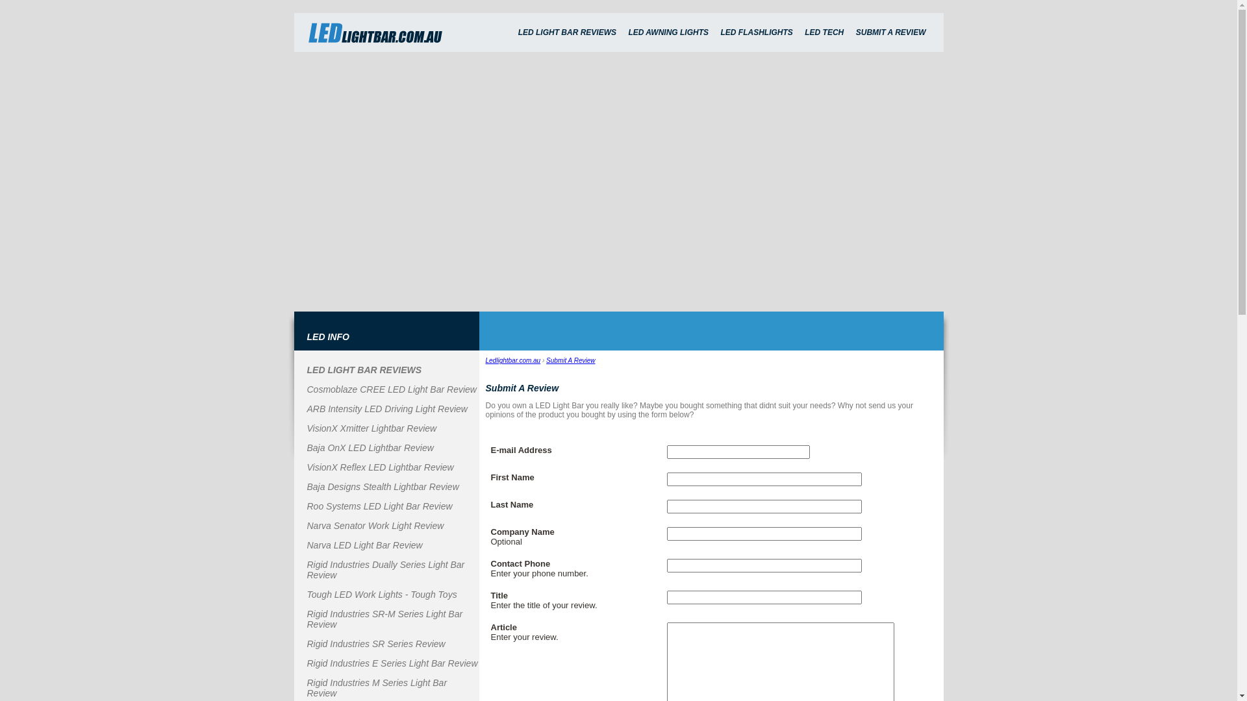 The image size is (1247, 701). What do you see at coordinates (305, 643) in the screenshot?
I see `'Rigid Industries SR Series Review'` at bounding box center [305, 643].